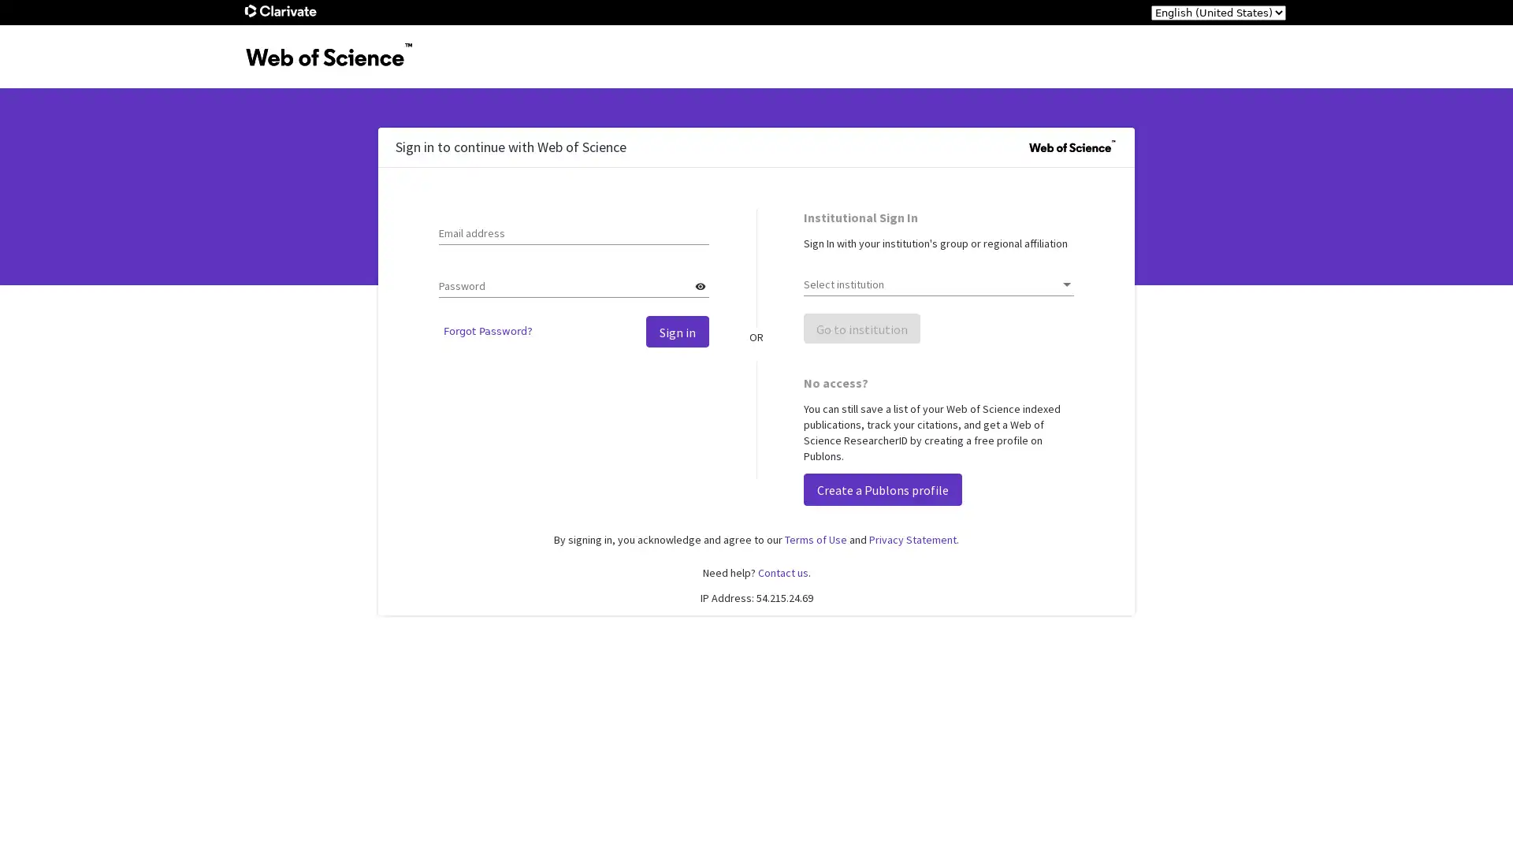 The width and height of the screenshot is (1513, 851). Describe the element at coordinates (677, 330) in the screenshot. I see `Sign in` at that location.